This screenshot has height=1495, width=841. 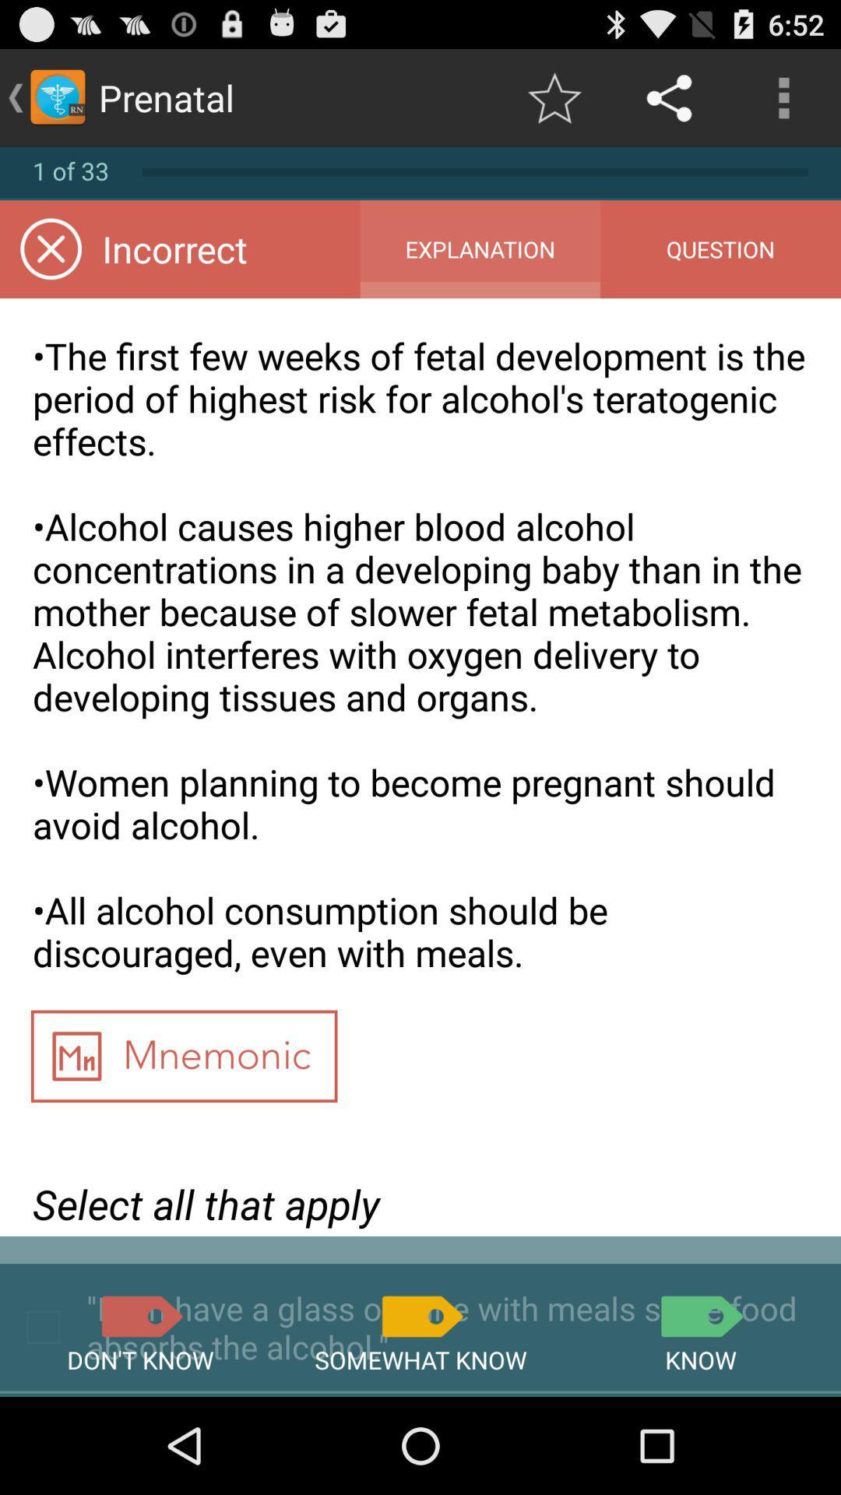 What do you see at coordinates (140, 1315) in the screenshot?
I see `do n't know` at bounding box center [140, 1315].